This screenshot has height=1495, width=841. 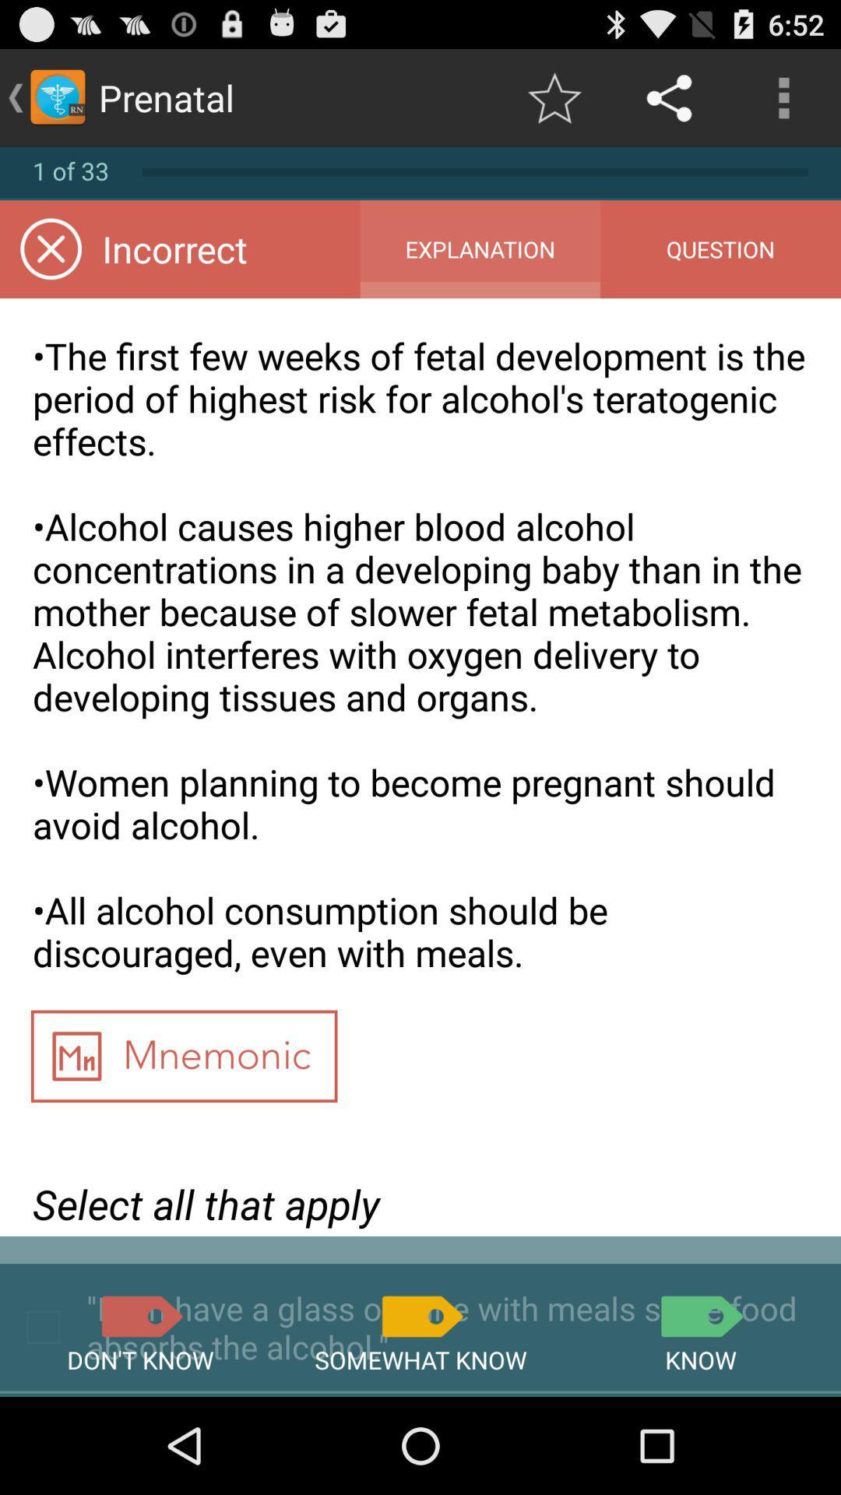 What do you see at coordinates (140, 1315) in the screenshot?
I see `do n't know` at bounding box center [140, 1315].